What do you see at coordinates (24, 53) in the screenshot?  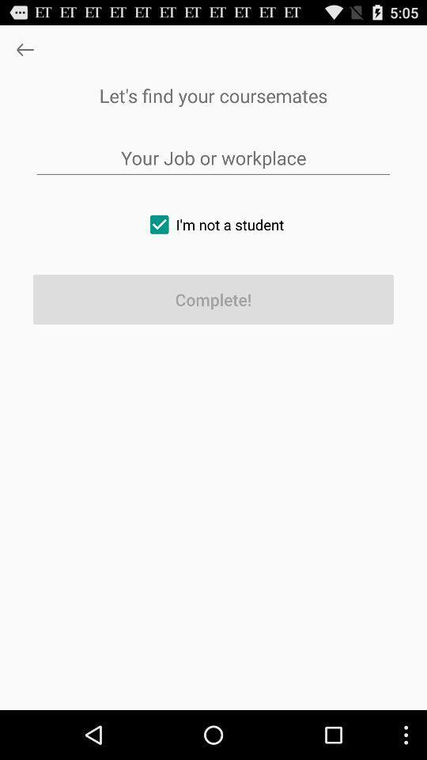 I see `the arrow_backward icon` at bounding box center [24, 53].